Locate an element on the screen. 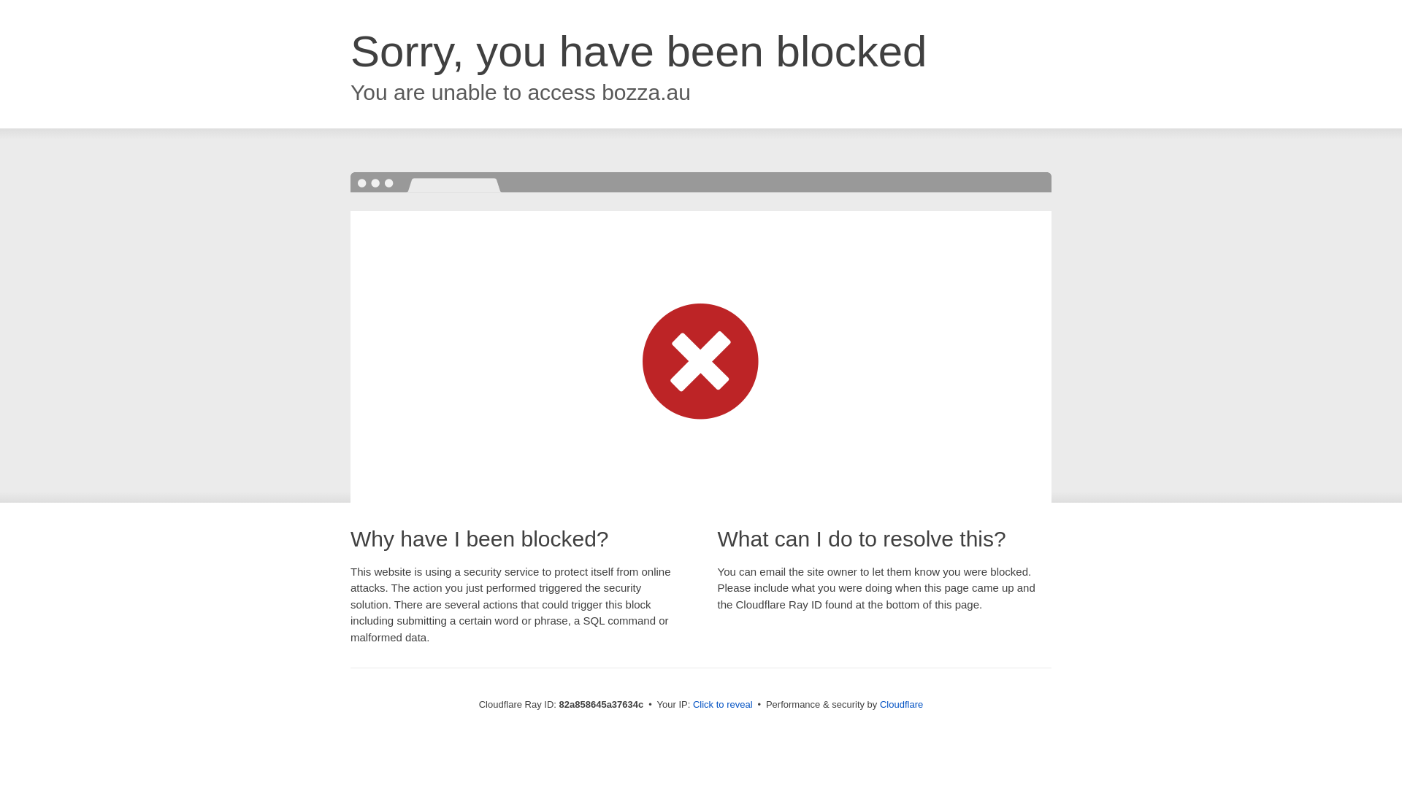 The width and height of the screenshot is (1402, 788). 'Click to reveal' is located at coordinates (722, 703).